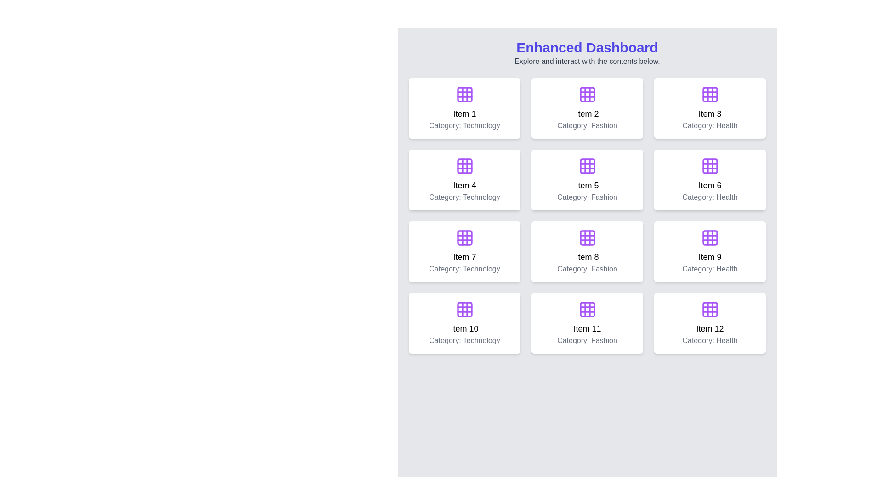 This screenshot has height=496, width=882. I want to click on the content of the text label displaying 'Item 10', which is a bold, medium-large sans-serif font positioned above the 'Category: Technology' label, so click(464, 328).